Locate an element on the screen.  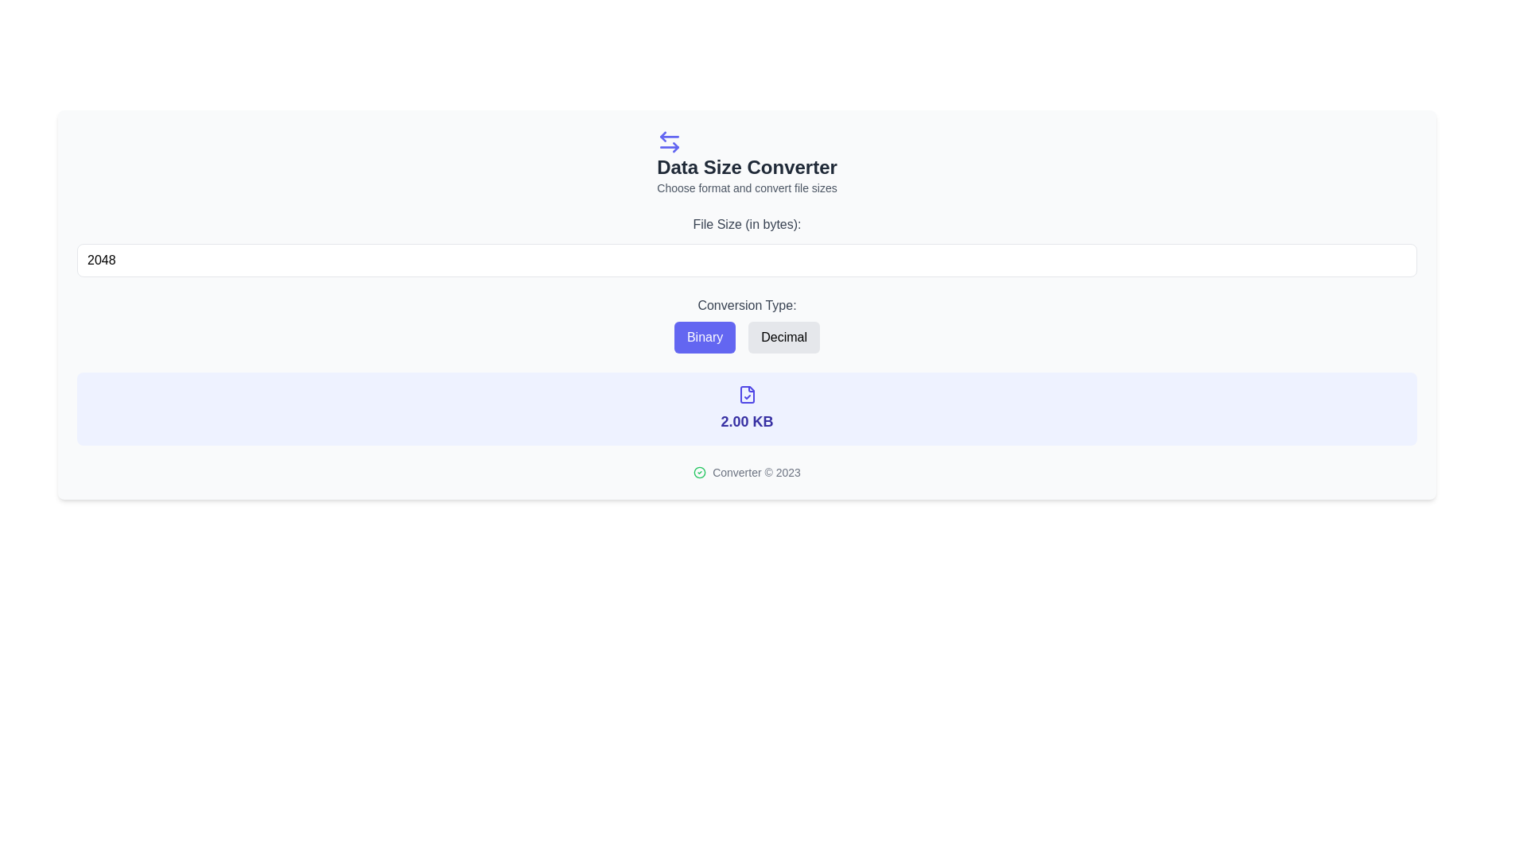
the leftmost subelement of the left-right arrow icon within the 'Data Size Converter' label, which visually contributes to the icon's representation of bi-directional navigation is located at coordinates (663, 136).